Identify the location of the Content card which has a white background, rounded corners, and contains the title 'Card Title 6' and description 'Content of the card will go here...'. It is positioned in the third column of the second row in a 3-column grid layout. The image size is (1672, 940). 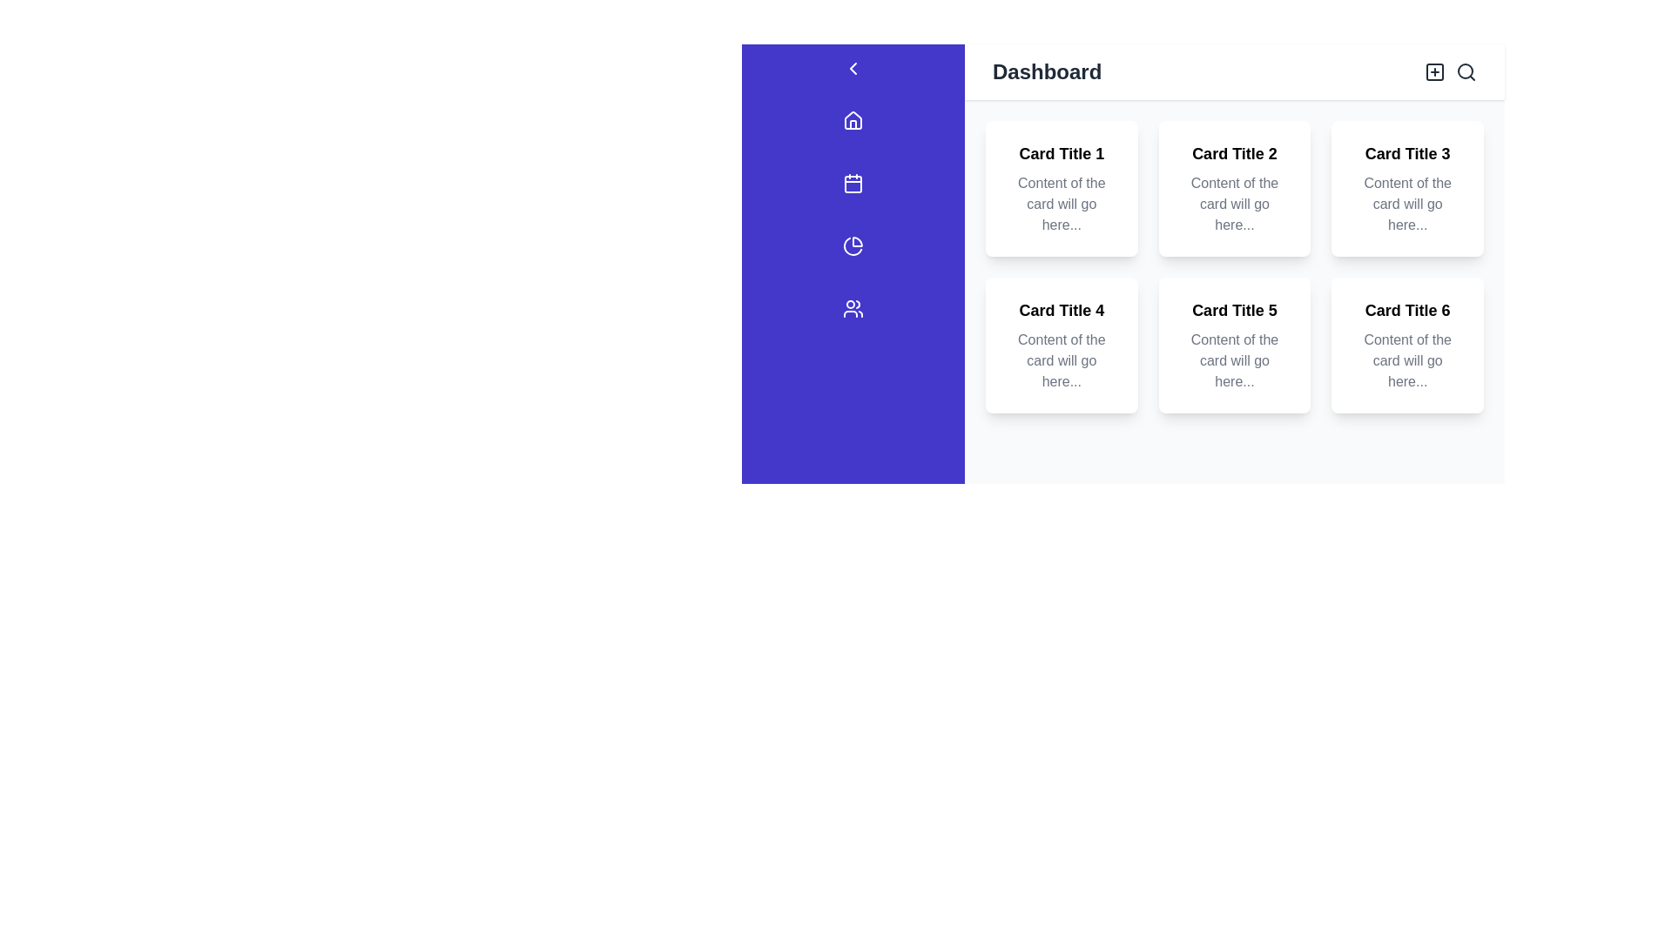
(1407, 346).